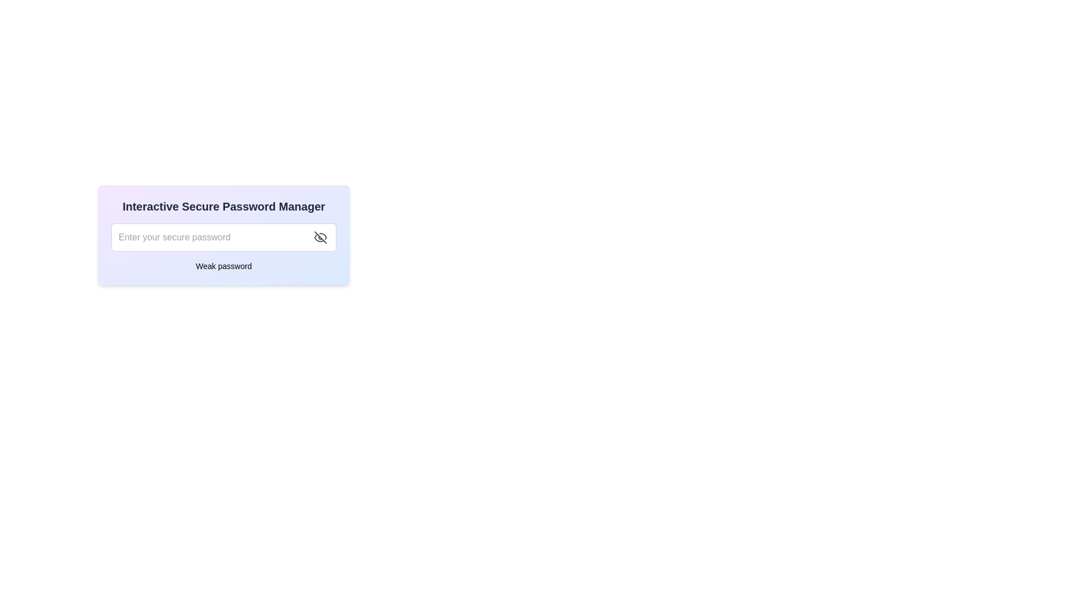  What do you see at coordinates (320, 236) in the screenshot?
I see `the eye-shaped icon with a strikethrough, located to the right of the password input field` at bounding box center [320, 236].